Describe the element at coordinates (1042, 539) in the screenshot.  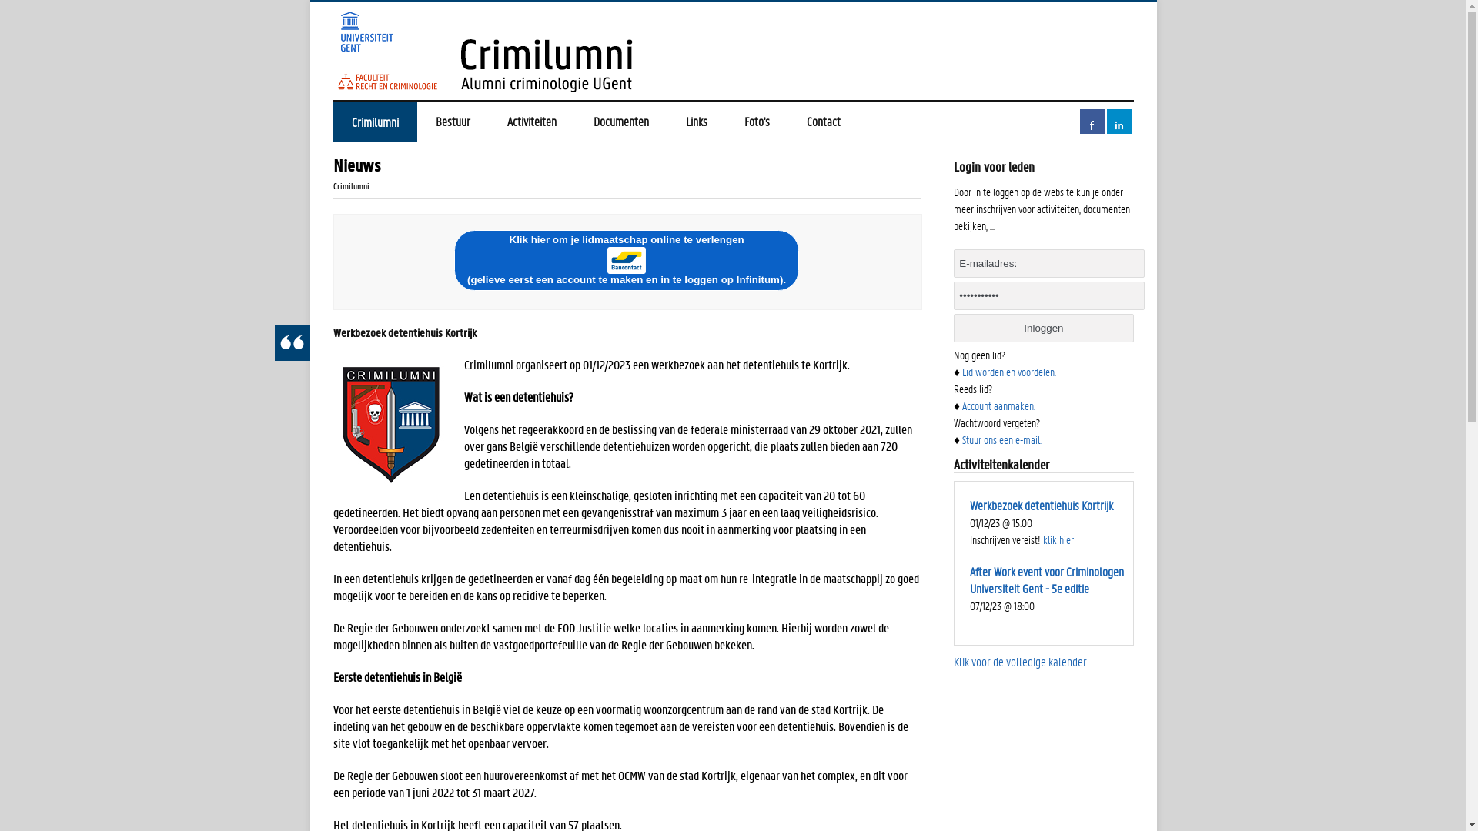
I see `'klik hier'` at that location.